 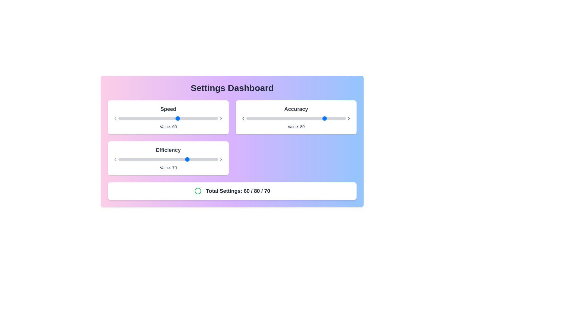 What do you see at coordinates (281, 118) in the screenshot?
I see `accuracy slider` at bounding box center [281, 118].